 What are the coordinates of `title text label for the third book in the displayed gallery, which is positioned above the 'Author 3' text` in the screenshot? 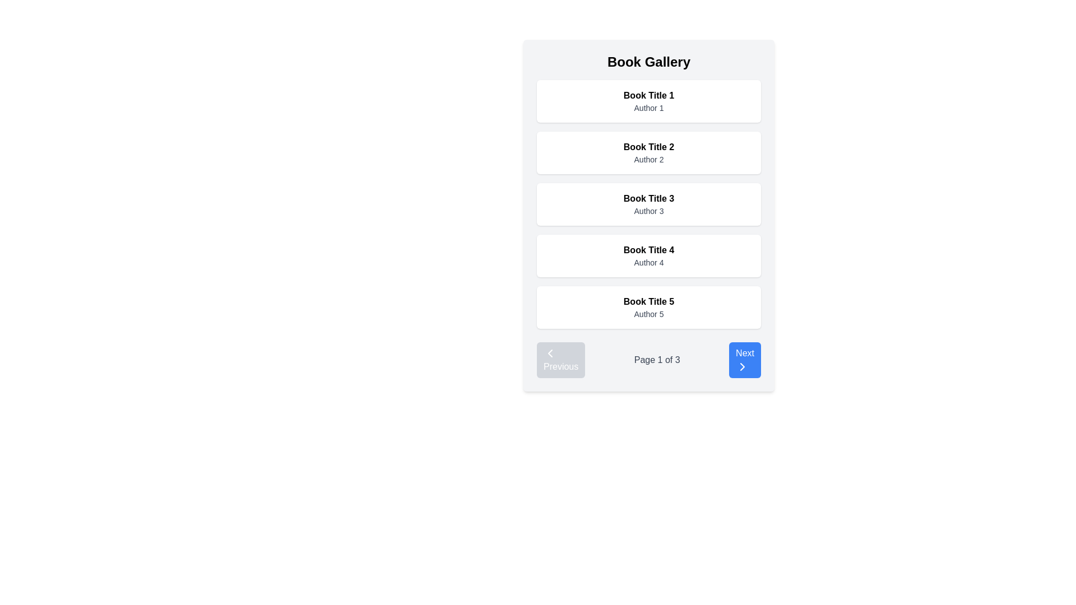 It's located at (648, 198).